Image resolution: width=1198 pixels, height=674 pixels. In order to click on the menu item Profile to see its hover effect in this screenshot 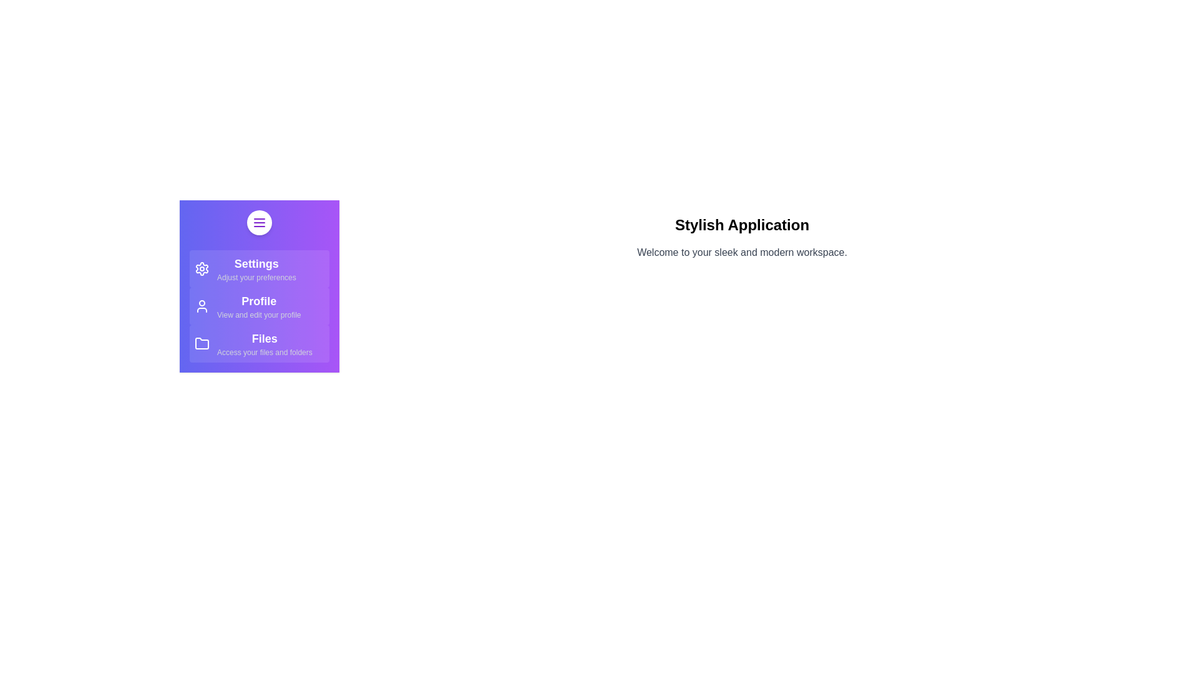, I will do `click(259, 306)`.